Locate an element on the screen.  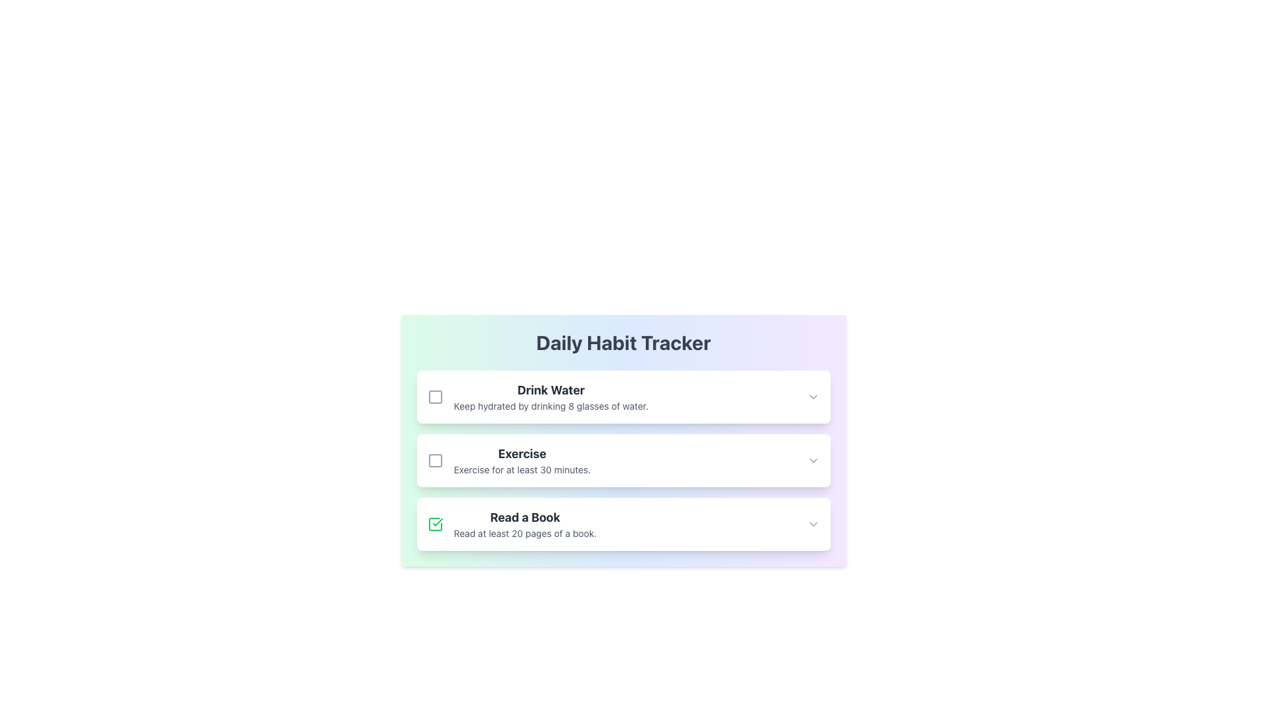
the Text label displaying 'Read a Book' and its description 'Read at least 20 pages of a book.' located in the Daily Habit Tracker list, positioned between 'Exercise' and subsequent items is located at coordinates (524, 523).